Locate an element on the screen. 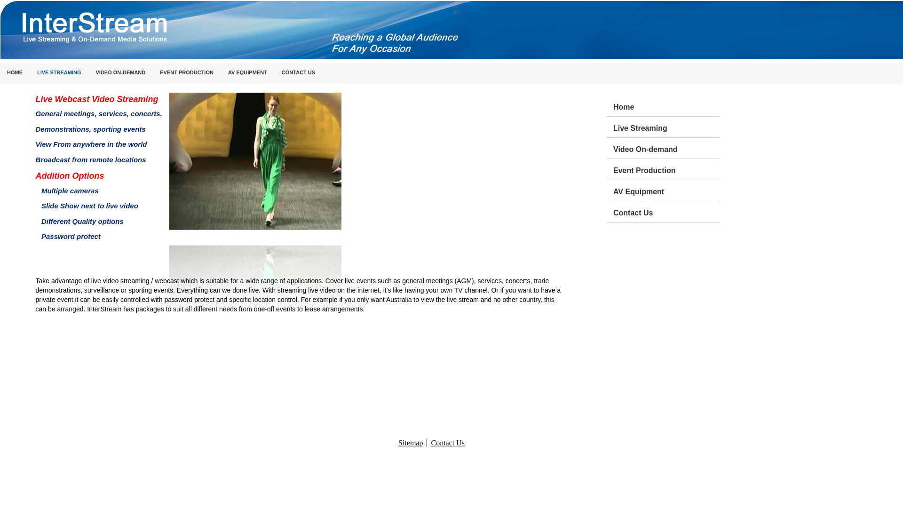 Image resolution: width=903 pixels, height=508 pixels. 'Event Production' is located at coordinates (665, 168).